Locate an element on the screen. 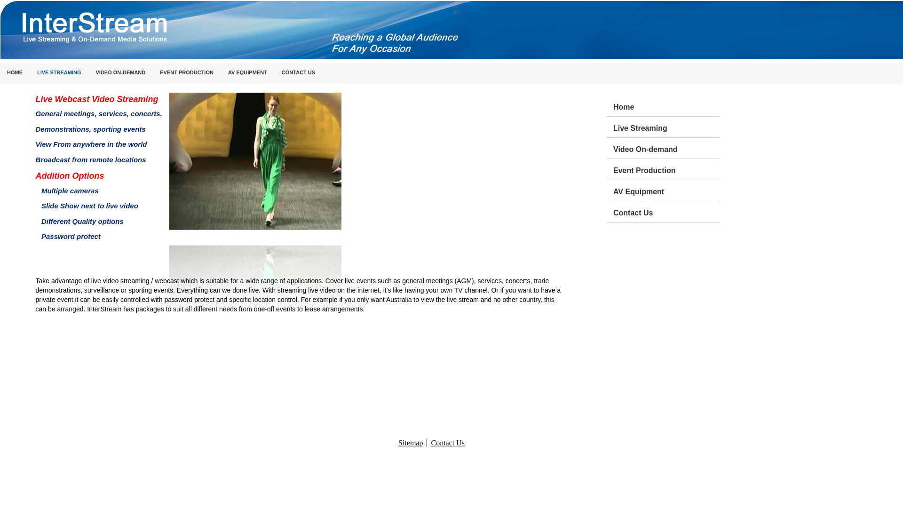 Image resolution: width=903 pixels, height=508 pixels. 'Event Production' is located at coordinates (665, 168).